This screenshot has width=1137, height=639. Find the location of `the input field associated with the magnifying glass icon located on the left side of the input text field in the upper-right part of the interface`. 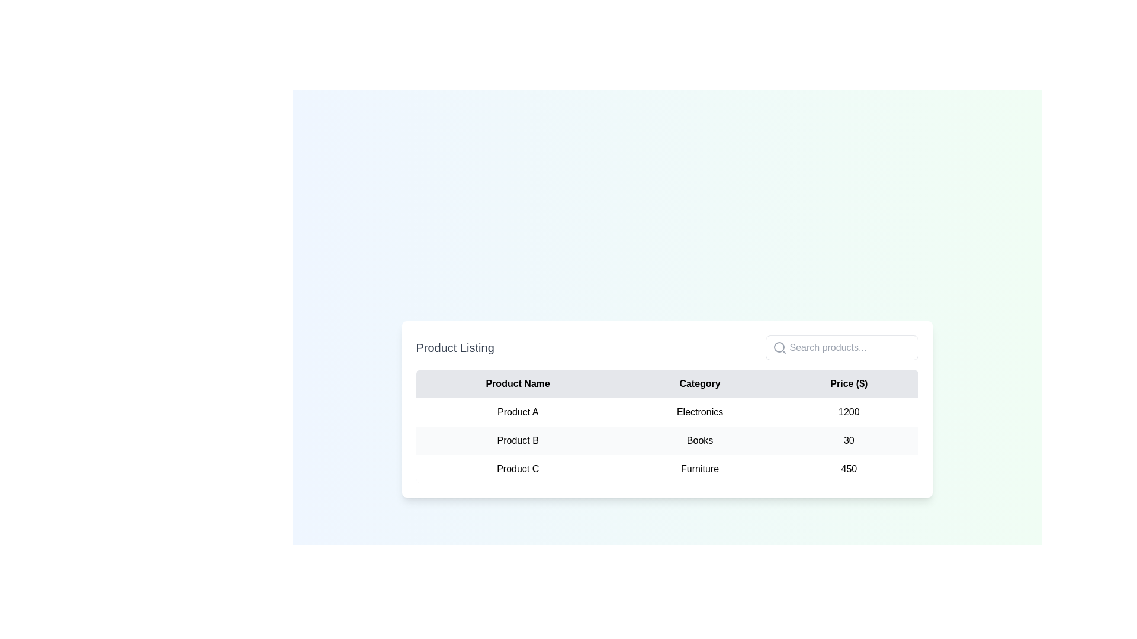

the input field associated with the magnifying glass icon located on the left side of the input text field in the upper-right part of the interface is located at coordinates (779, 347).